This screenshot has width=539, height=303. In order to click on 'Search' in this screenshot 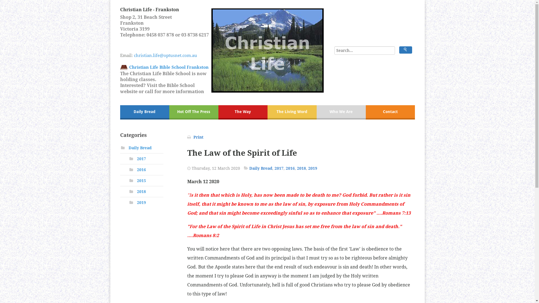, I will do `click(405, 49)`.